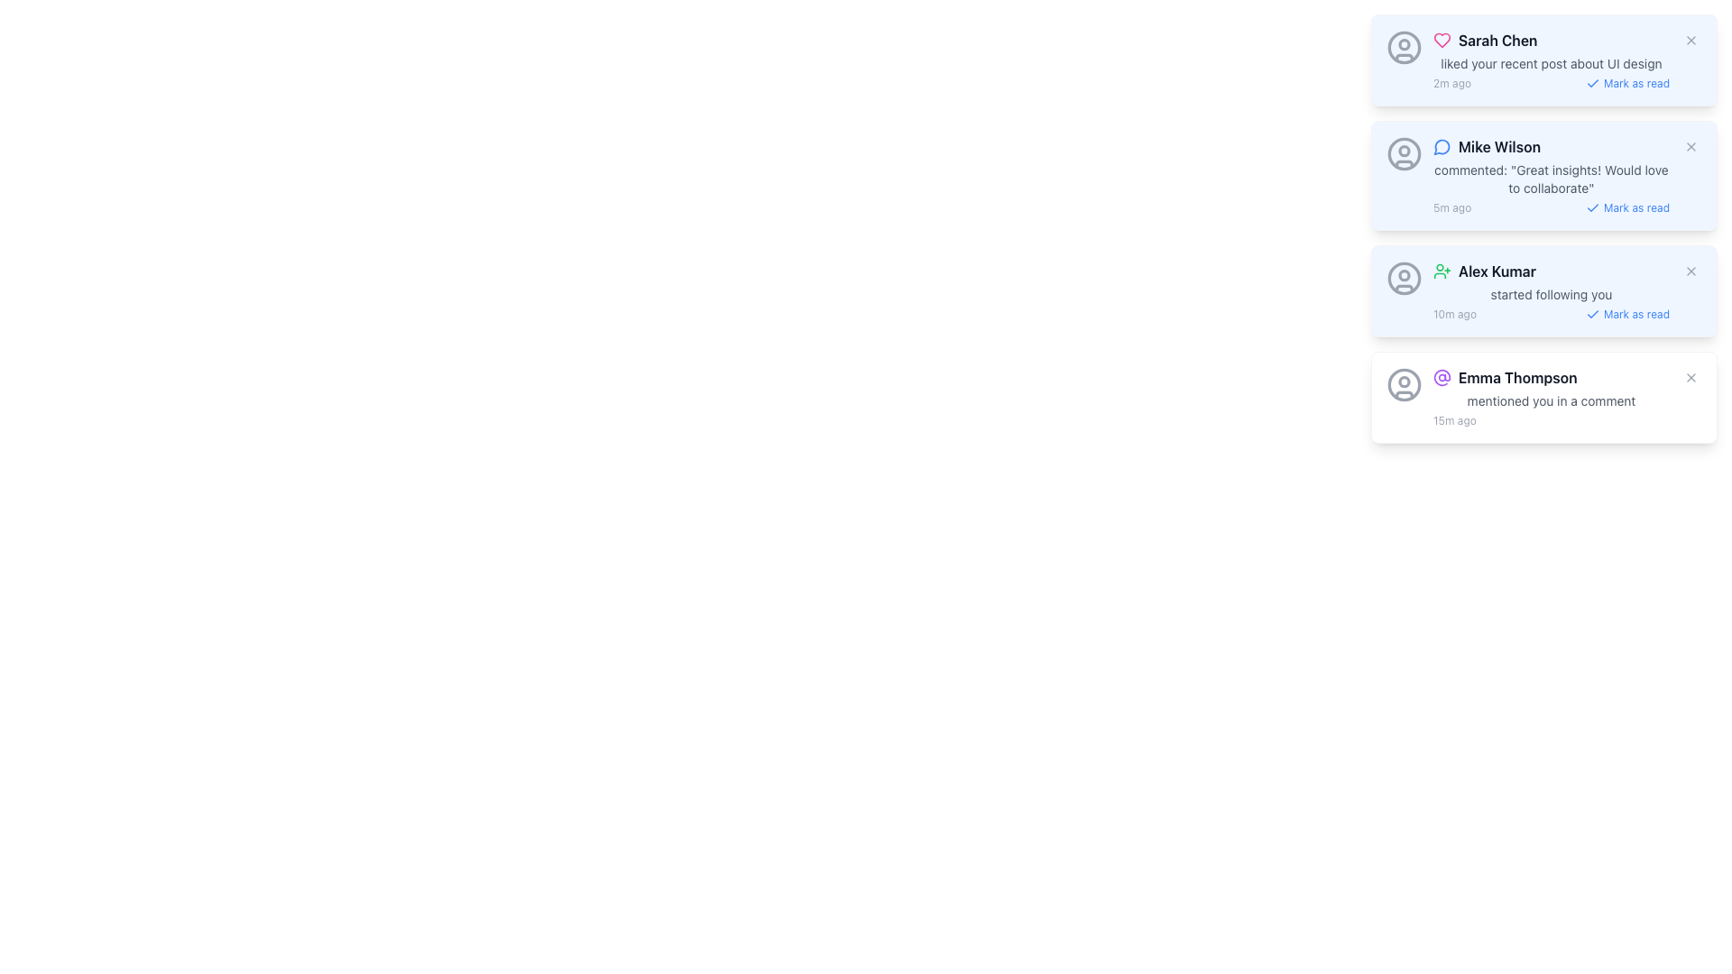  What do you see at coordinates (1691, 271) in the screenshot?
I see `the Close button with an 'X' icon, located in the top-right corner of the notification card for 'Alex Kumar', above the text 'started following you'` at bounding box center [1691, 271].